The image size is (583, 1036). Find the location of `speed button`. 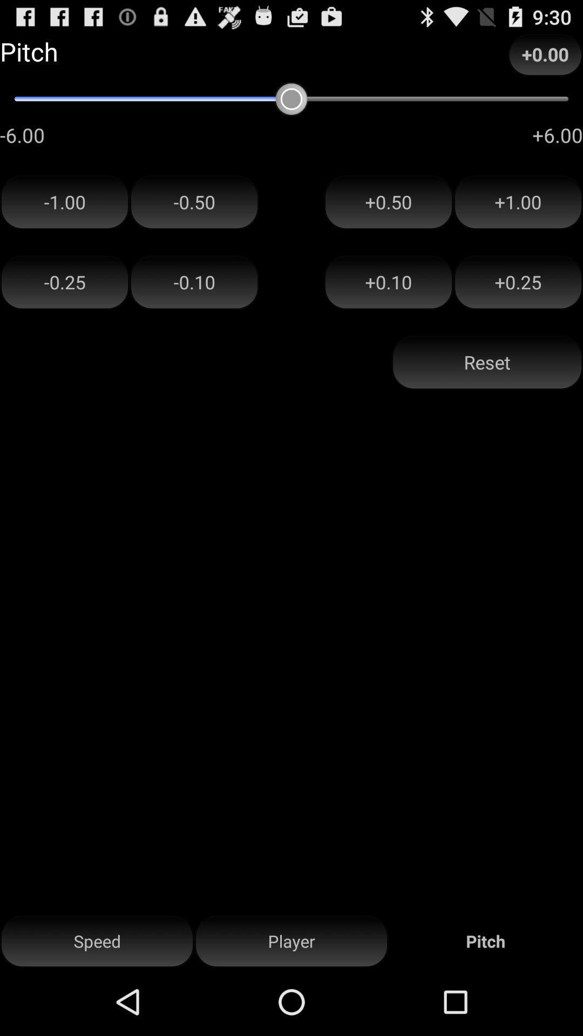

speed button is located at coordinates (97, 941).